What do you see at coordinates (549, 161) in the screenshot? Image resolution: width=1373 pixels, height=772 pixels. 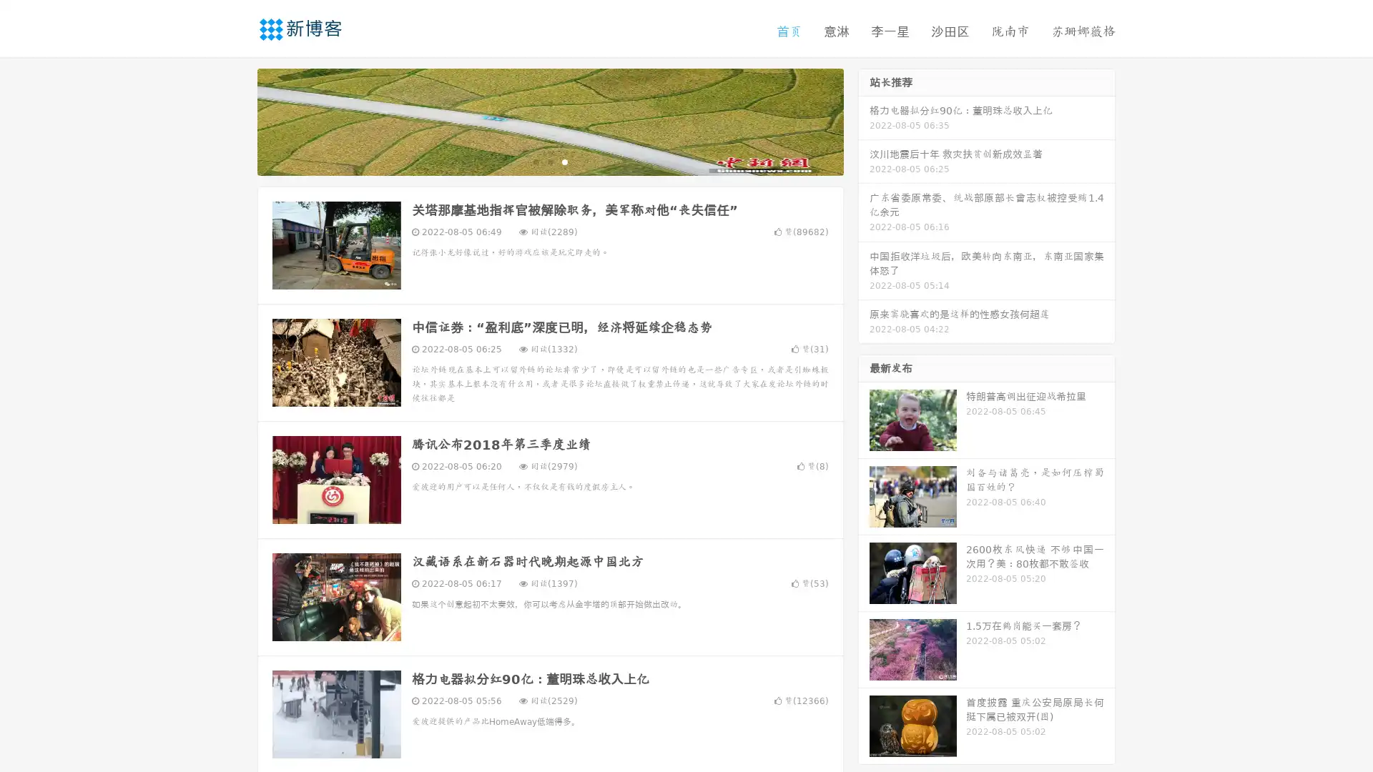 I see `Go to slide 2` at bounding box center [549, 161].